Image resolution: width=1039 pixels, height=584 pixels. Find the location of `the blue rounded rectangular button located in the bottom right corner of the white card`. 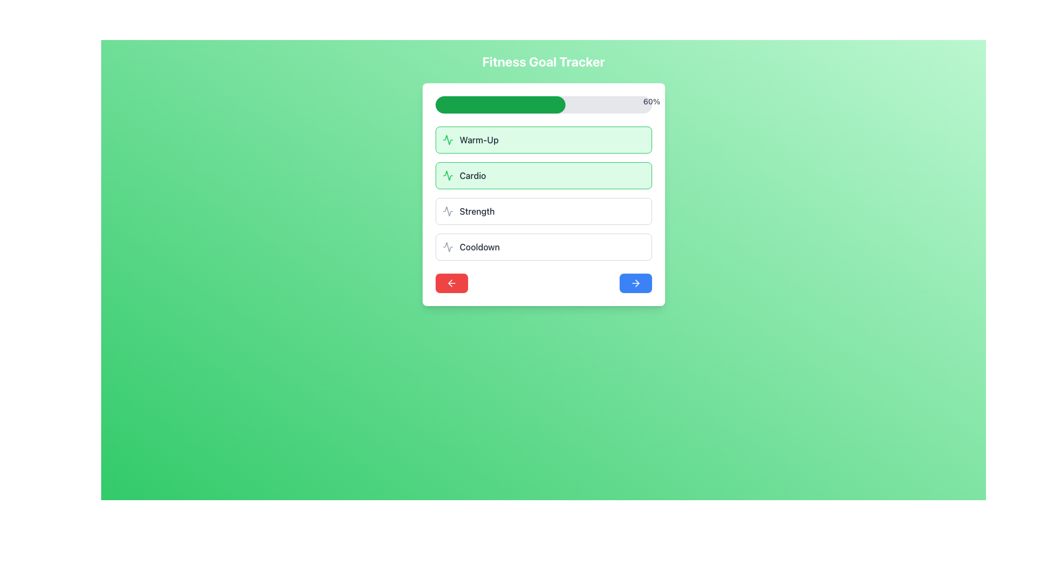

the blue rounded rectangular button located in the bottom right corner of the white card is located at coordinates (635, 283).